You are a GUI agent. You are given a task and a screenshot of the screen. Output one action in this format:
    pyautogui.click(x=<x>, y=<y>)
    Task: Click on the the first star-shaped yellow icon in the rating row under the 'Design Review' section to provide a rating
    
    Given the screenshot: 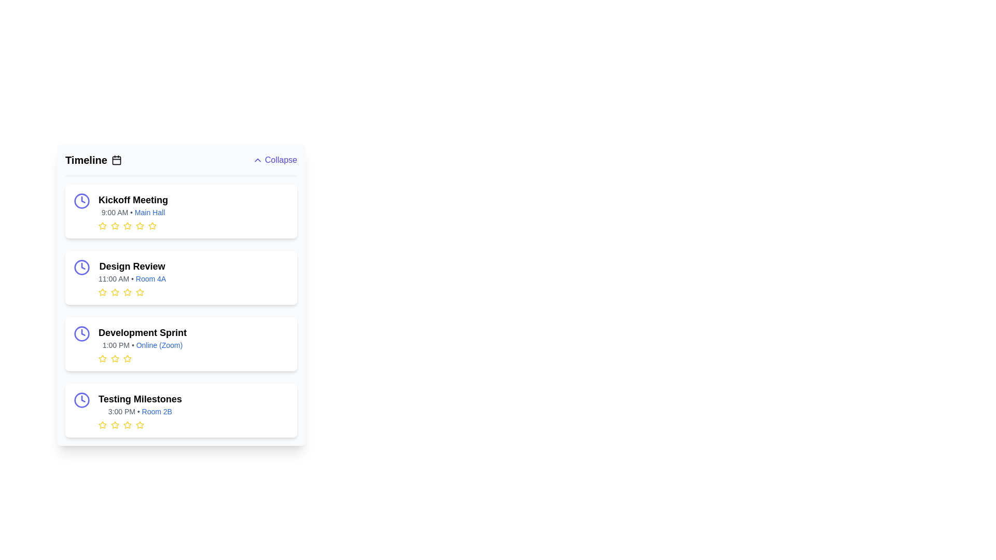 What is the action you would take?
    pyautogui.click(x=102, y=292)
    